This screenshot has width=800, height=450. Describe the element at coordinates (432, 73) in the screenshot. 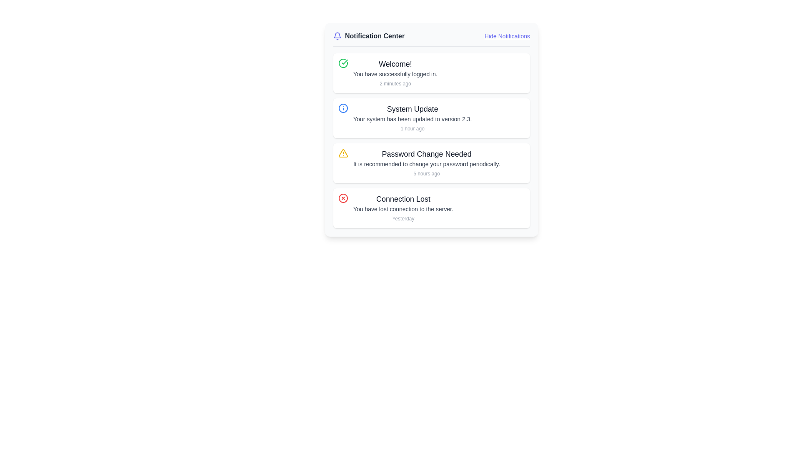

I see `the Notification card displaying the message 'Welcome! You have successfully logged in. 2 minutes ago' which is the first notification in the Notification Center` at that location.